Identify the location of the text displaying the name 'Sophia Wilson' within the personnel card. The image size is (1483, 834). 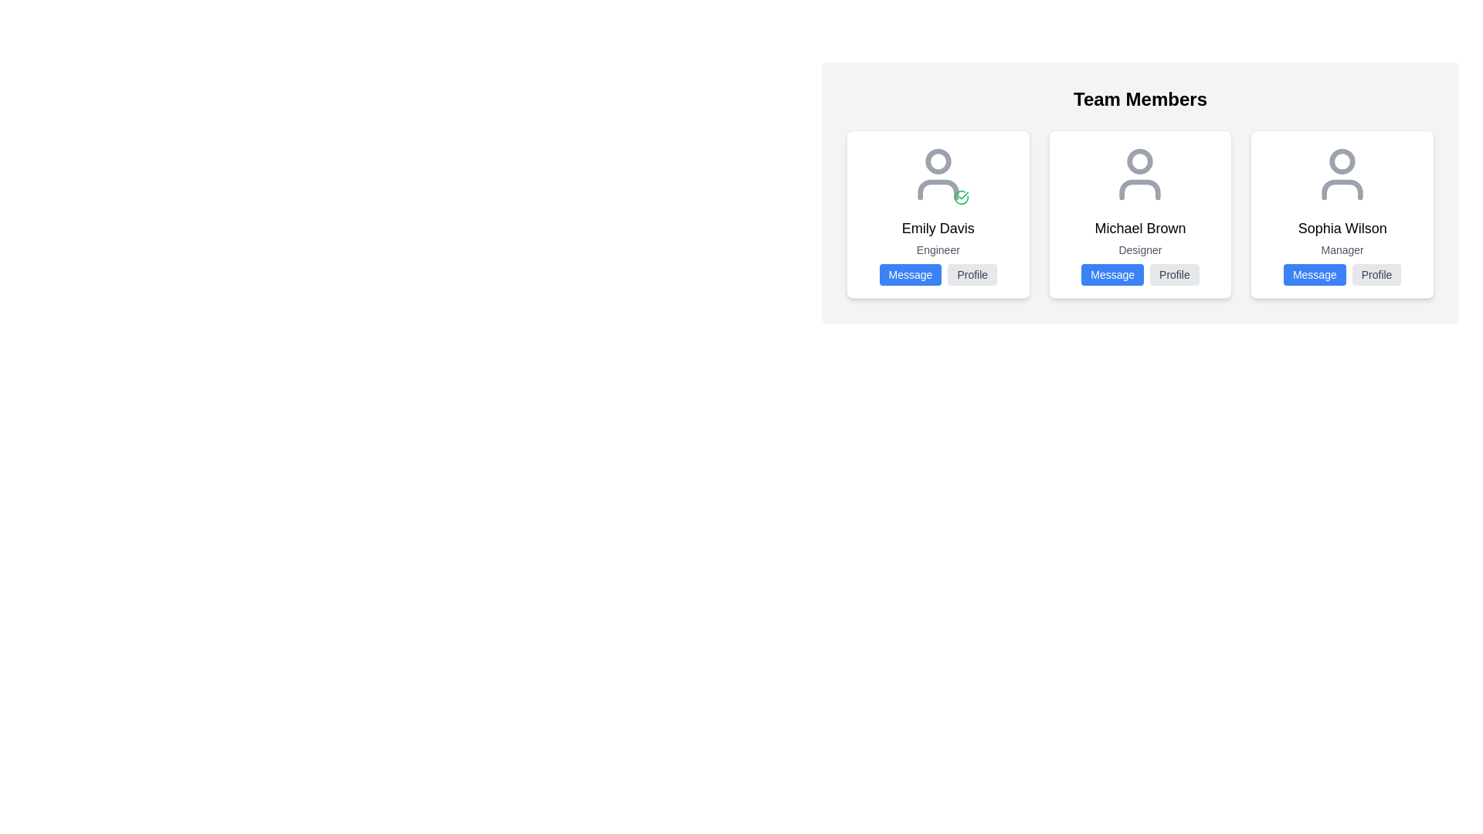
(1342, 229).